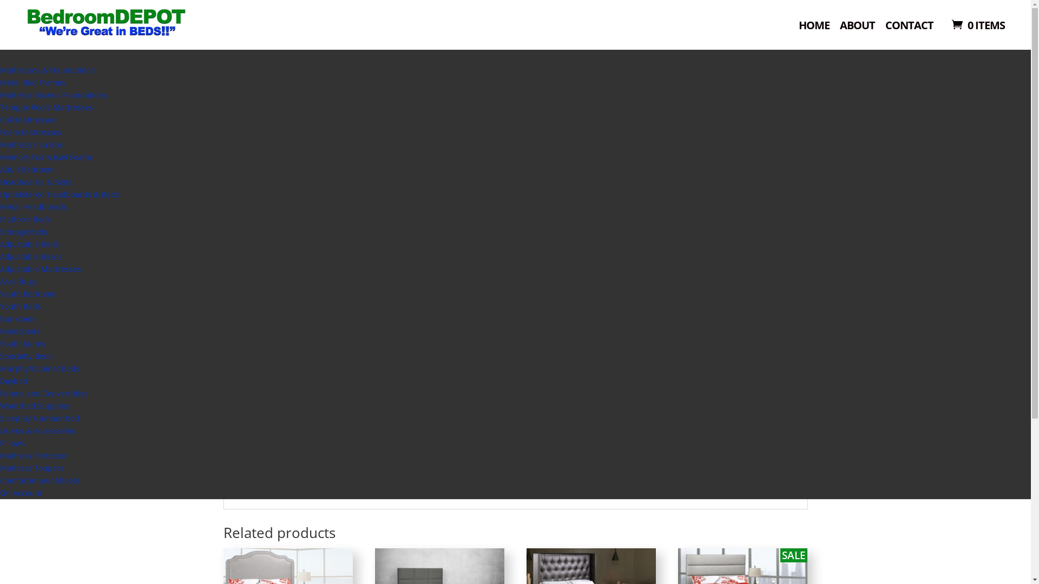  I want to click on 'Matesbeds', so click(20, 330).